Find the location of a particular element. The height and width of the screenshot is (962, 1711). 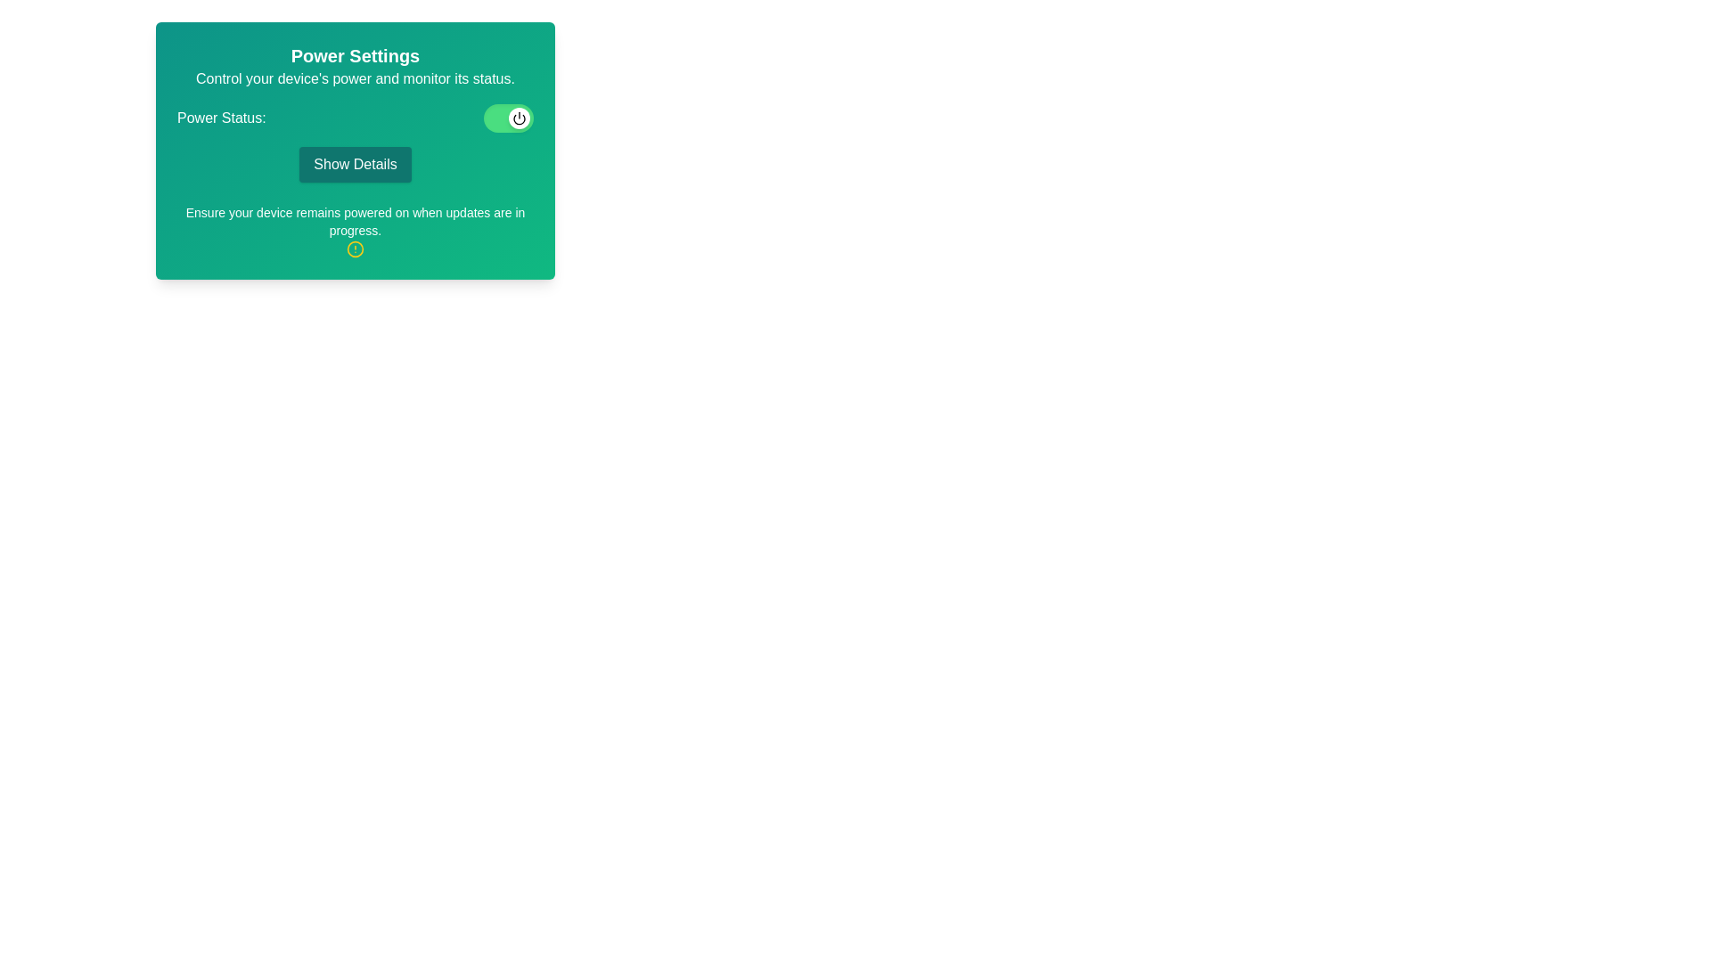

the informational static text reminding users to keep their device powered during updates, located within the 'Power Settings' card layout is located at coordinates (355, 221).